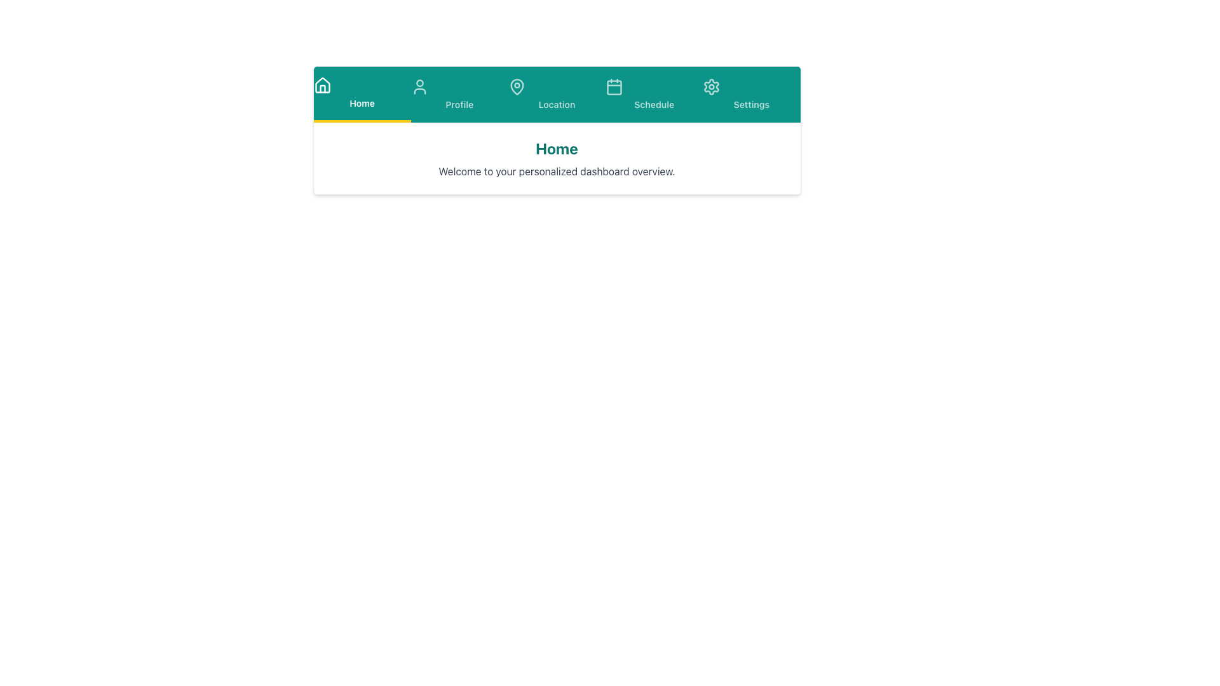  I want to click on the vertical rectangular component inside the house icon, which is part of the SVG representation of the house in the navigation bar, so click(322, 88).